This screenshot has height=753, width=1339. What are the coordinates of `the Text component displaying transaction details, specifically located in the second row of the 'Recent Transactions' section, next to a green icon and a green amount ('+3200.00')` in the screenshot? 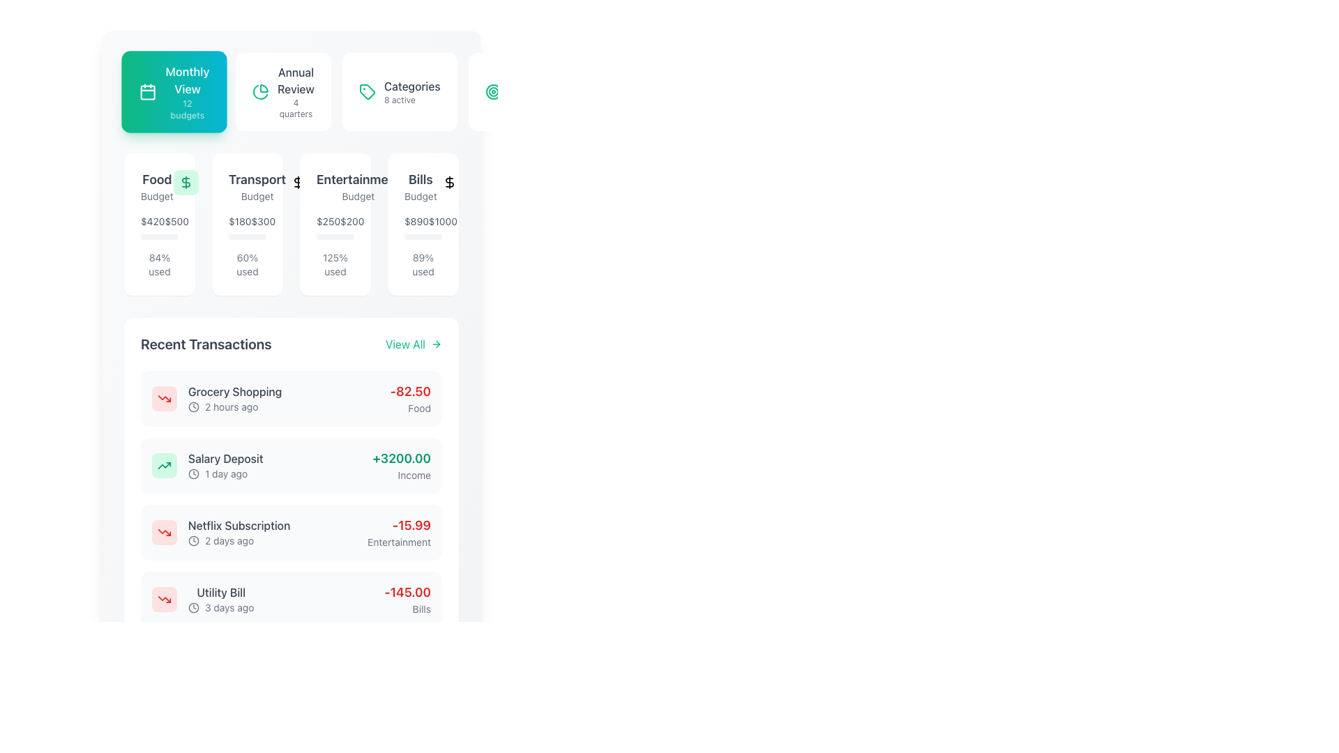 It's located at (225, 465).